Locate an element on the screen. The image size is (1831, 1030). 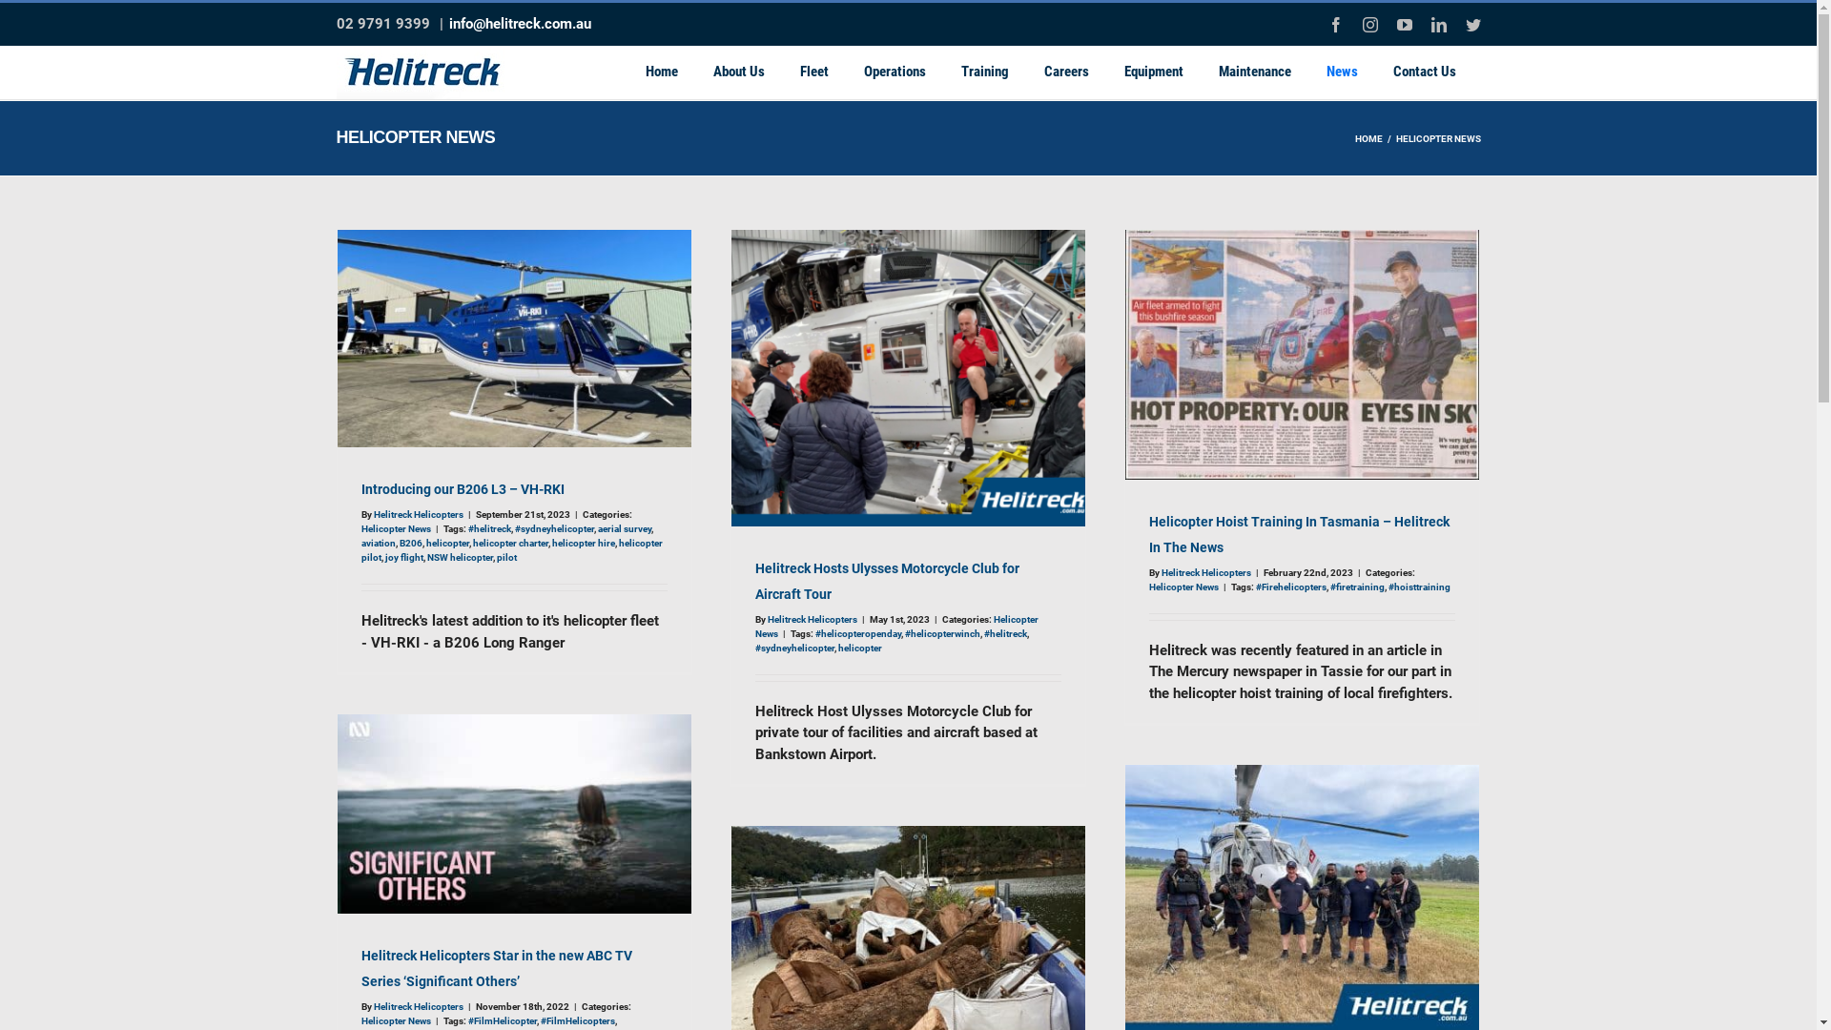
'#sydneyhelicopter' is located at coordinates (553, 528).